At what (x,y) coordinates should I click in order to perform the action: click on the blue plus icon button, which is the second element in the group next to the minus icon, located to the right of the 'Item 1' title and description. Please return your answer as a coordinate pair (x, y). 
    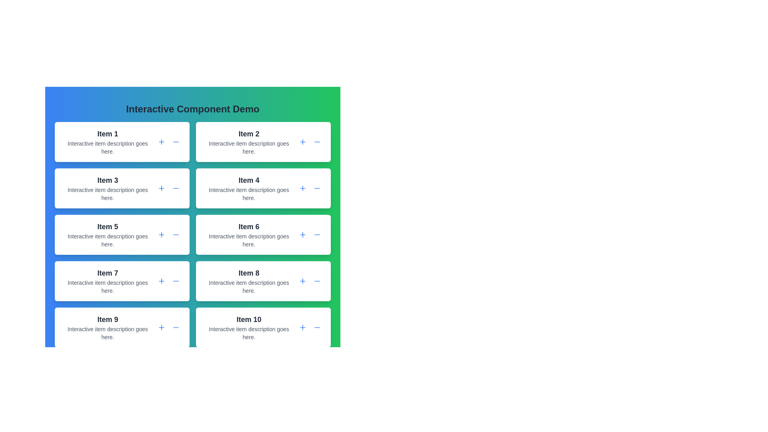
    Looking at the image, I should click on (161, 141).